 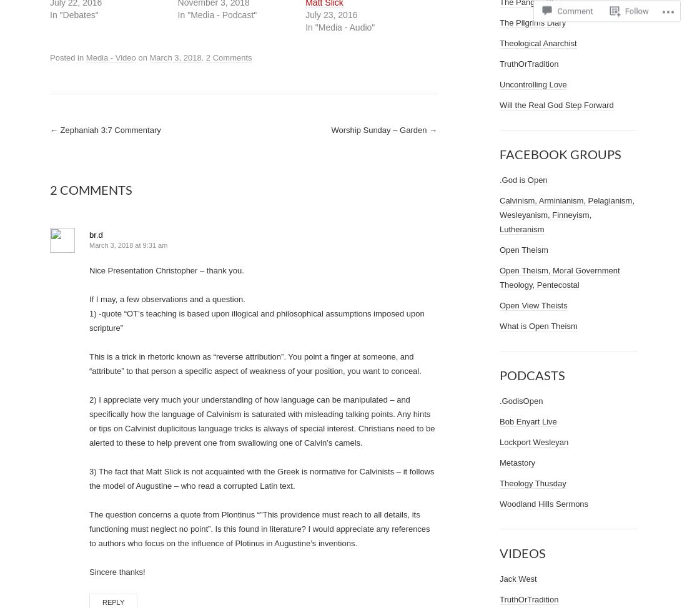 What do you see at coordinates (89, 421) in the screenshot?
I see `'2) I appreciate very much your understanding of how language can be manipulated – and specifically how the language of Calvinism is saturated with misleading talking points.  Any hints or tips on Calvinist duplicitous language tricks is always of special interest.  Christians need to be alerted to these to help prevent one from swallowing one of Calvin’s camels.'` at bounding box center [89, 421].